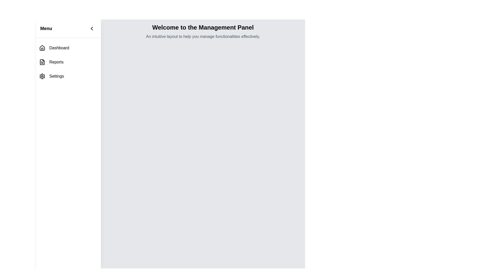 This screenshot has width=486, height=273. I want to click on the 'Settings' text label located in the navigation panel on the left, which is the third item in the vertical list of options, so click(56, 76).